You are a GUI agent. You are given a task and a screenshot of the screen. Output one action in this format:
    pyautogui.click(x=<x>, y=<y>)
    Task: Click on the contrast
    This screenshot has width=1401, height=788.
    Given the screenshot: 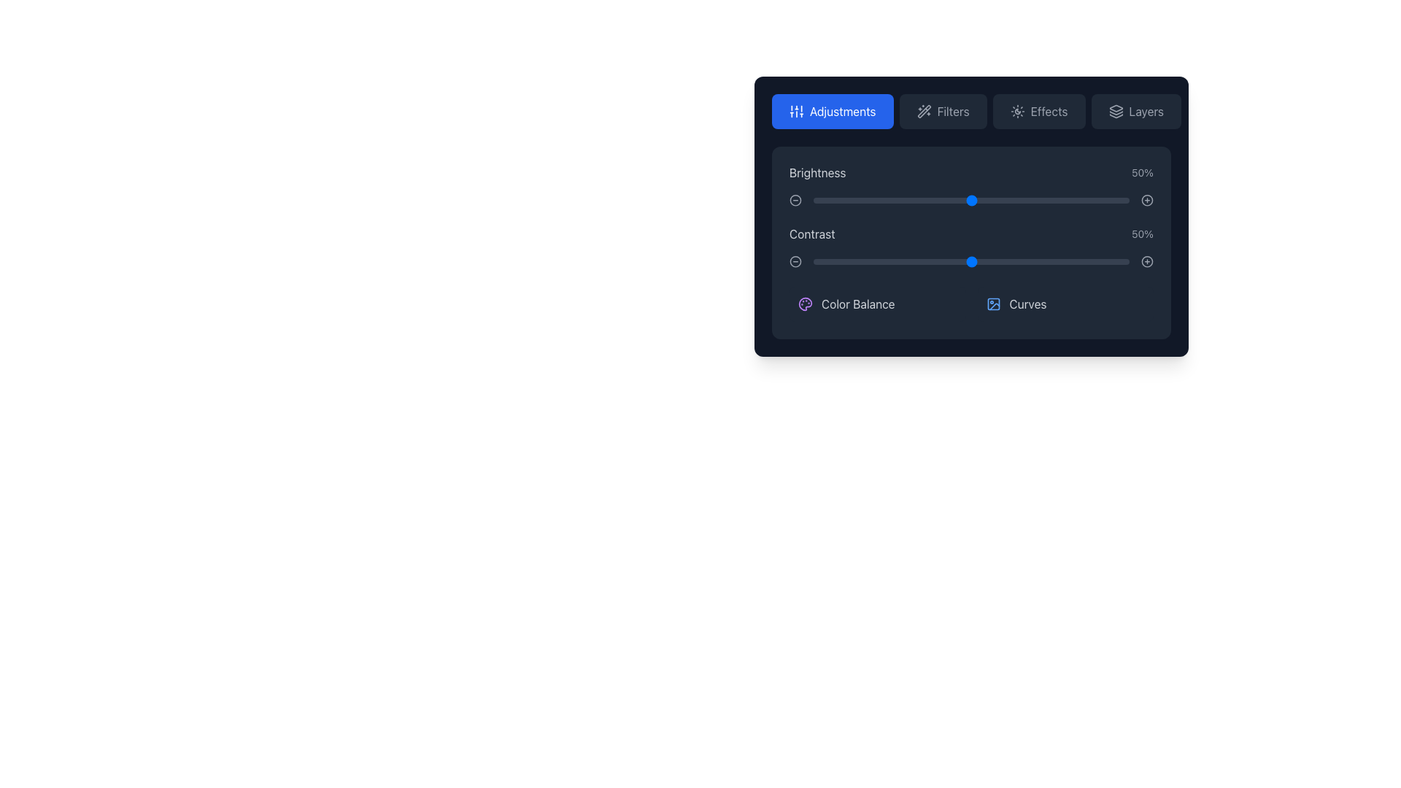 What is the action you would take?
    pyautogui.click(x=990, y=260)
    